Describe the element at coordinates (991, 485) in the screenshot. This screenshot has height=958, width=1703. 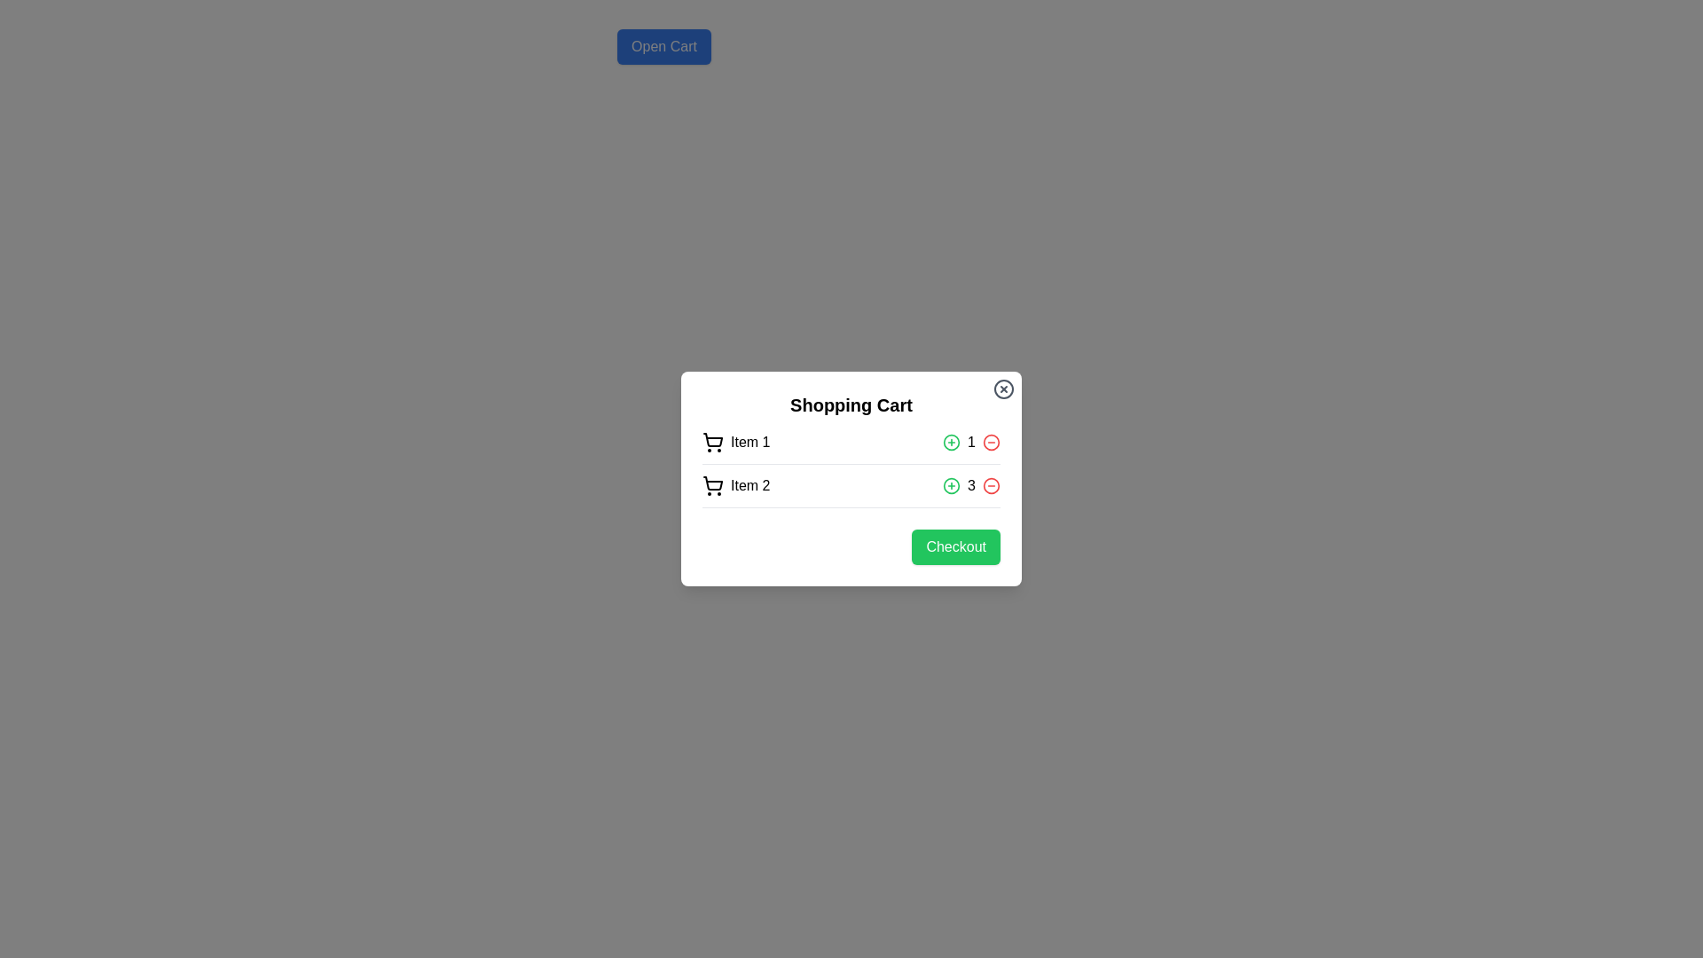
I see `the decrement button for 'Item 2' to change its appearance` at that location.